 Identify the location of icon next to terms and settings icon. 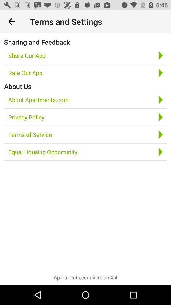
(11, 22).